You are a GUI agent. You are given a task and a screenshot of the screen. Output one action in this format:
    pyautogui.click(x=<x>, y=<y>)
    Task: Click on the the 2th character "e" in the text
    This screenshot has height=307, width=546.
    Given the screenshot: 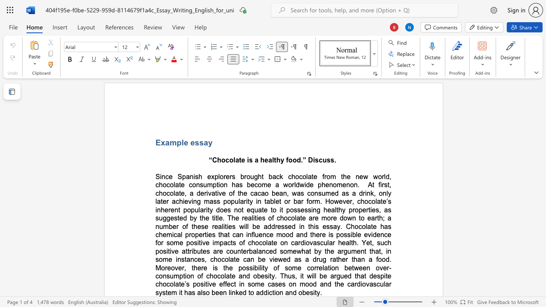 What is the action you would take?
    pyautogui.click(x=192, y=142)
    